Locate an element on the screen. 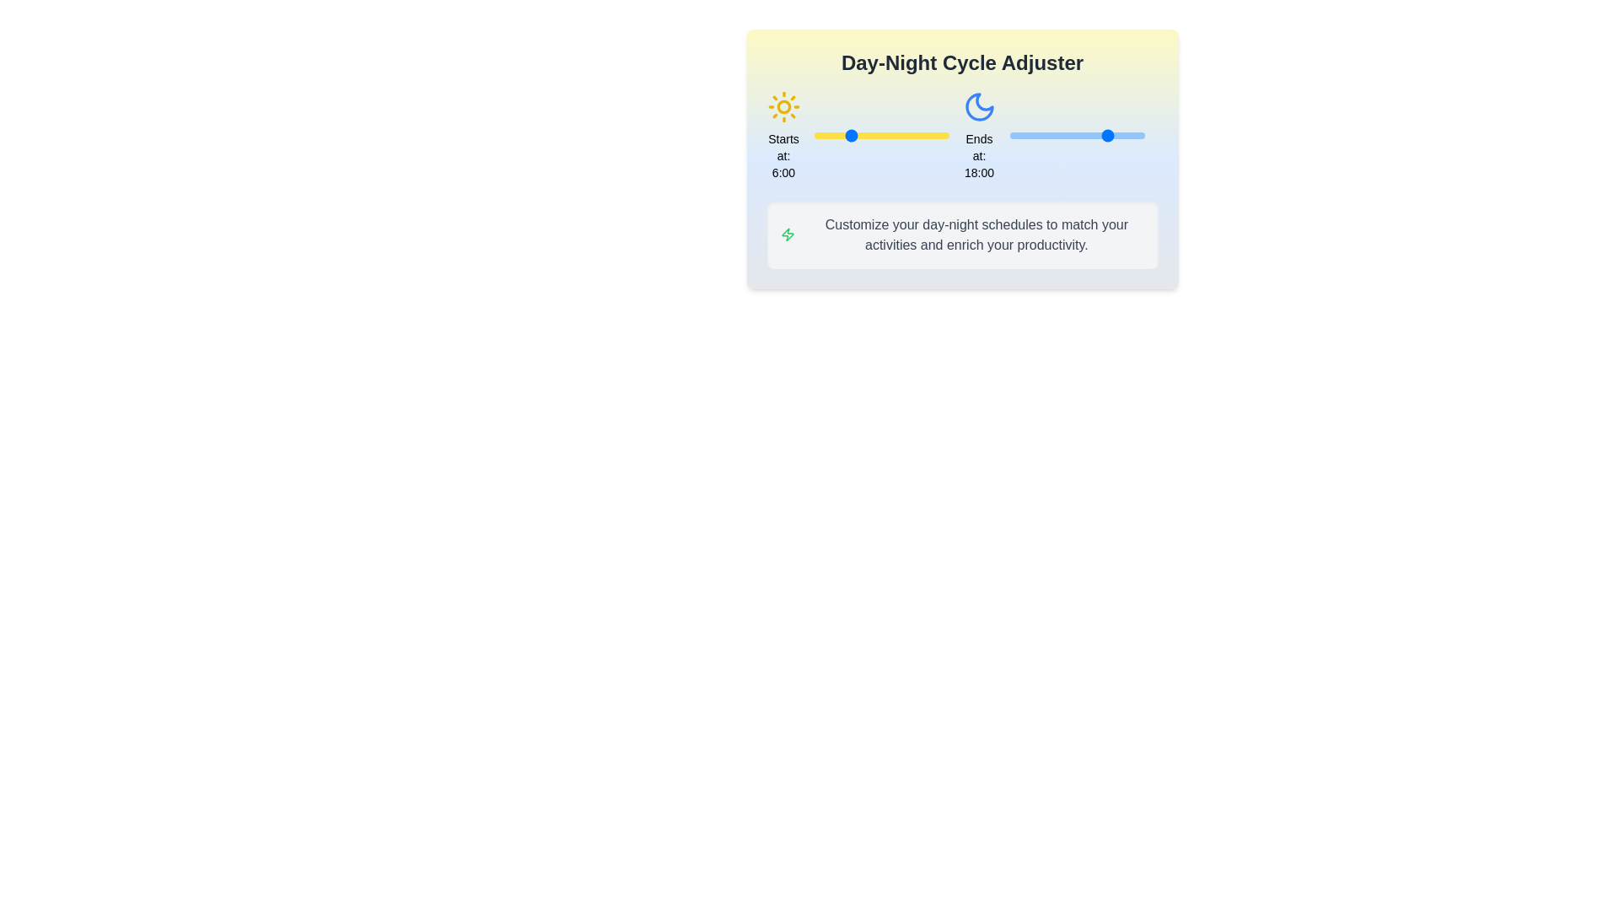 The height and width of the screenshot is (911, 1619). the end time of the day cycle to 22 hours using the right slider is located at coordinates (1133, 135).